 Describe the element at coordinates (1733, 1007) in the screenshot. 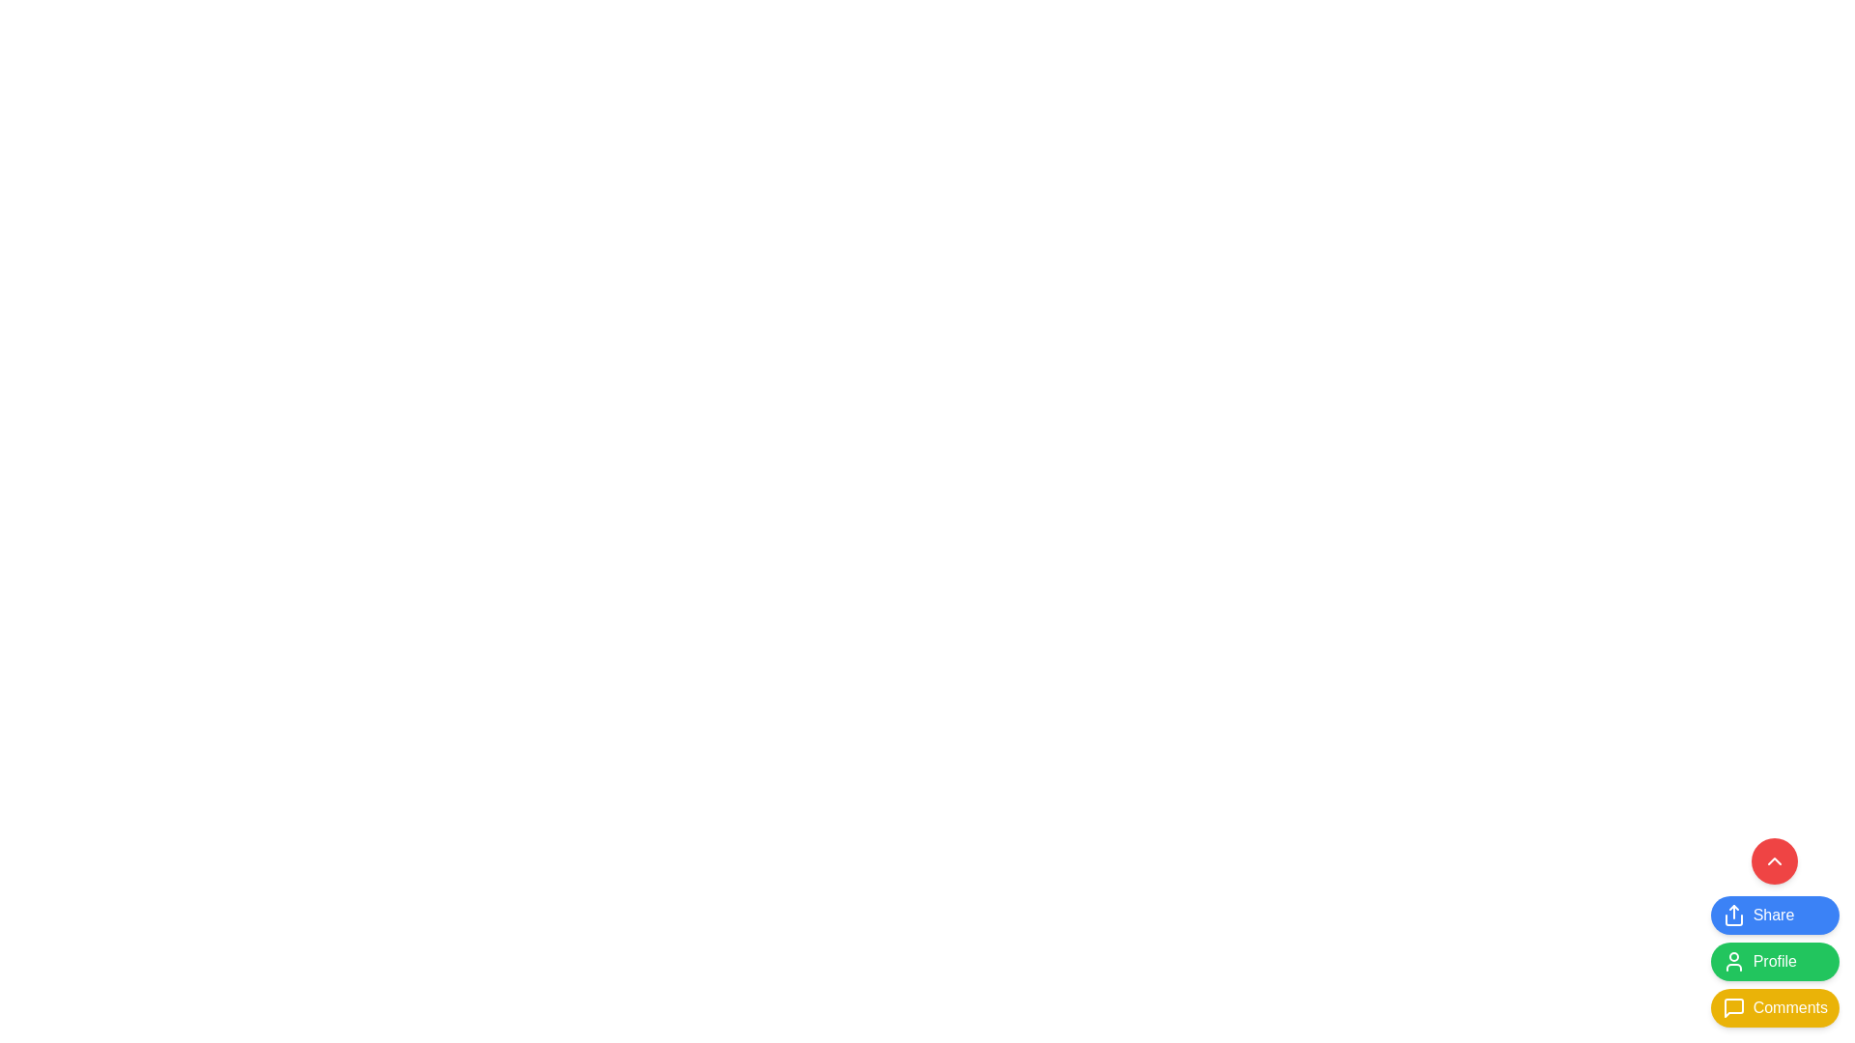

I see `the chat bubble icon located at the bottom-right corner of the interface, which opens the comments section when clicked` at that location.